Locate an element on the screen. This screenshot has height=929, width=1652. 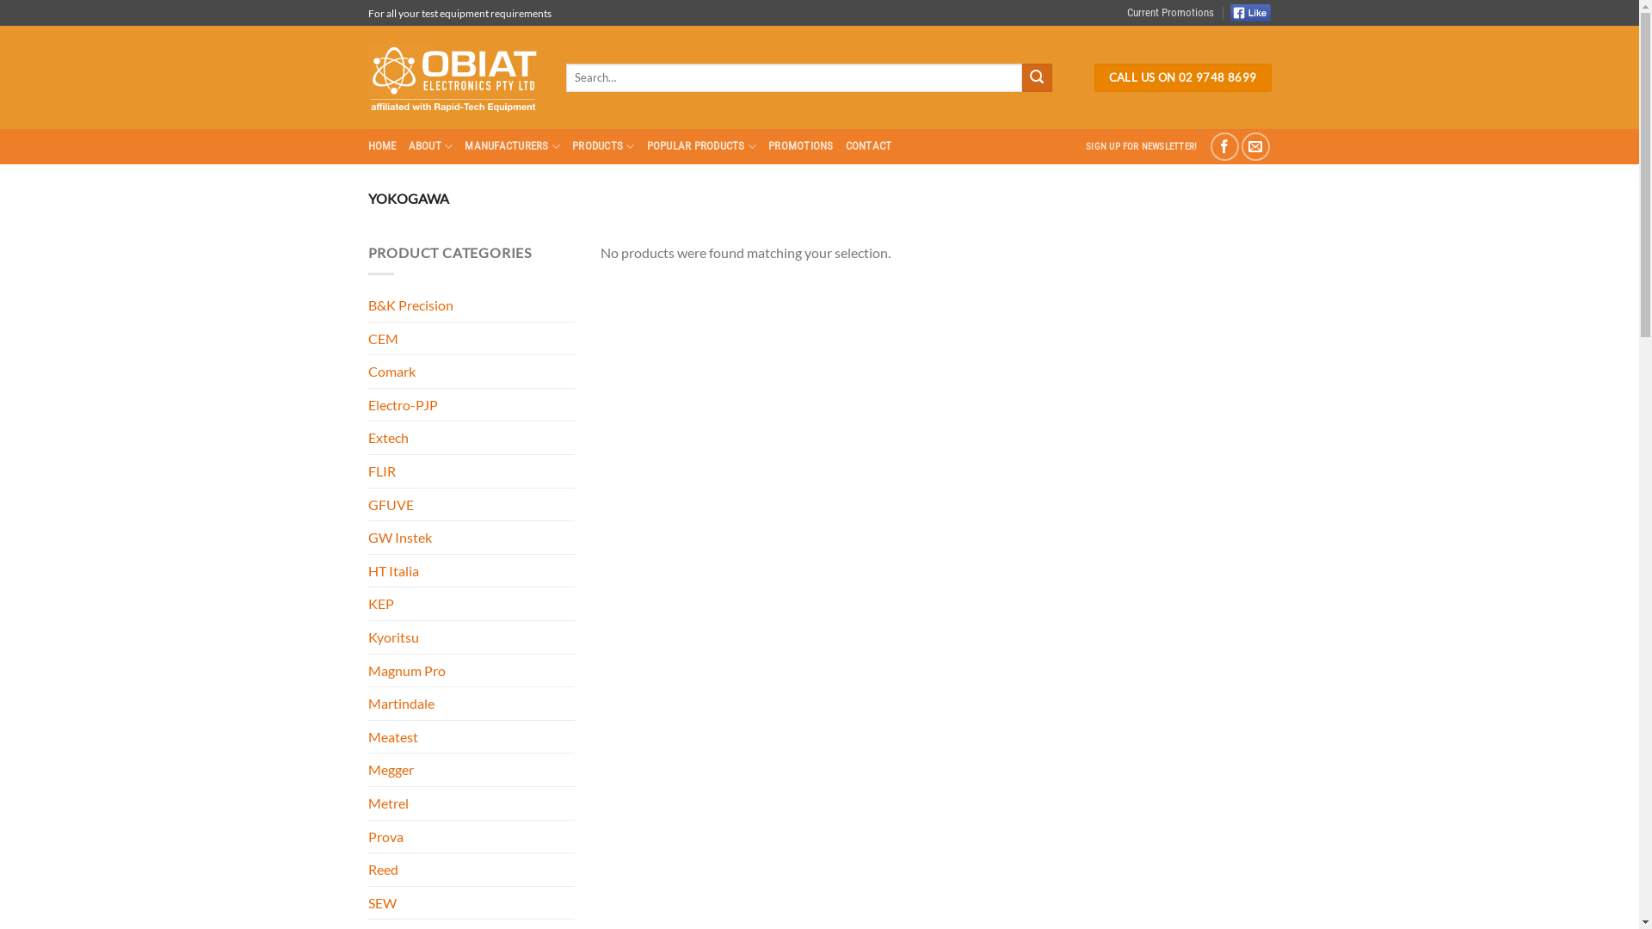
'PRODUCTS' is located at coordinates (603, 145).